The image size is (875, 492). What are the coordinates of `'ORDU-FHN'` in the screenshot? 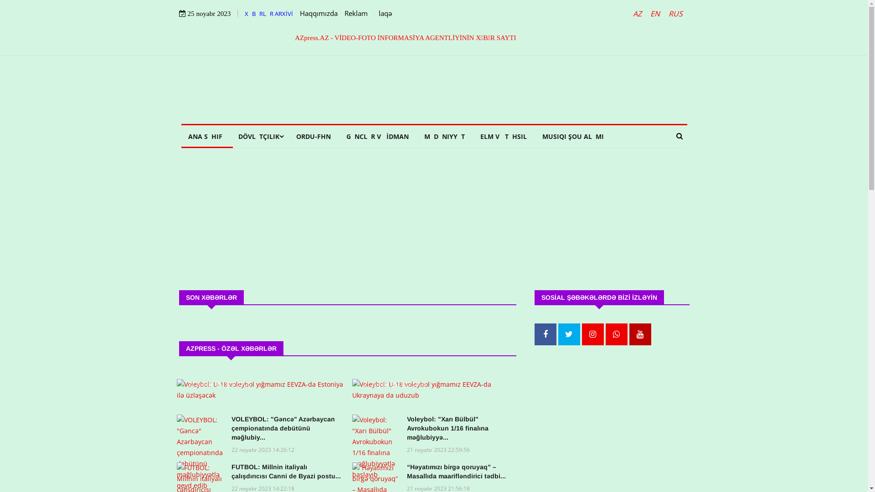 It's located at (313, 137).